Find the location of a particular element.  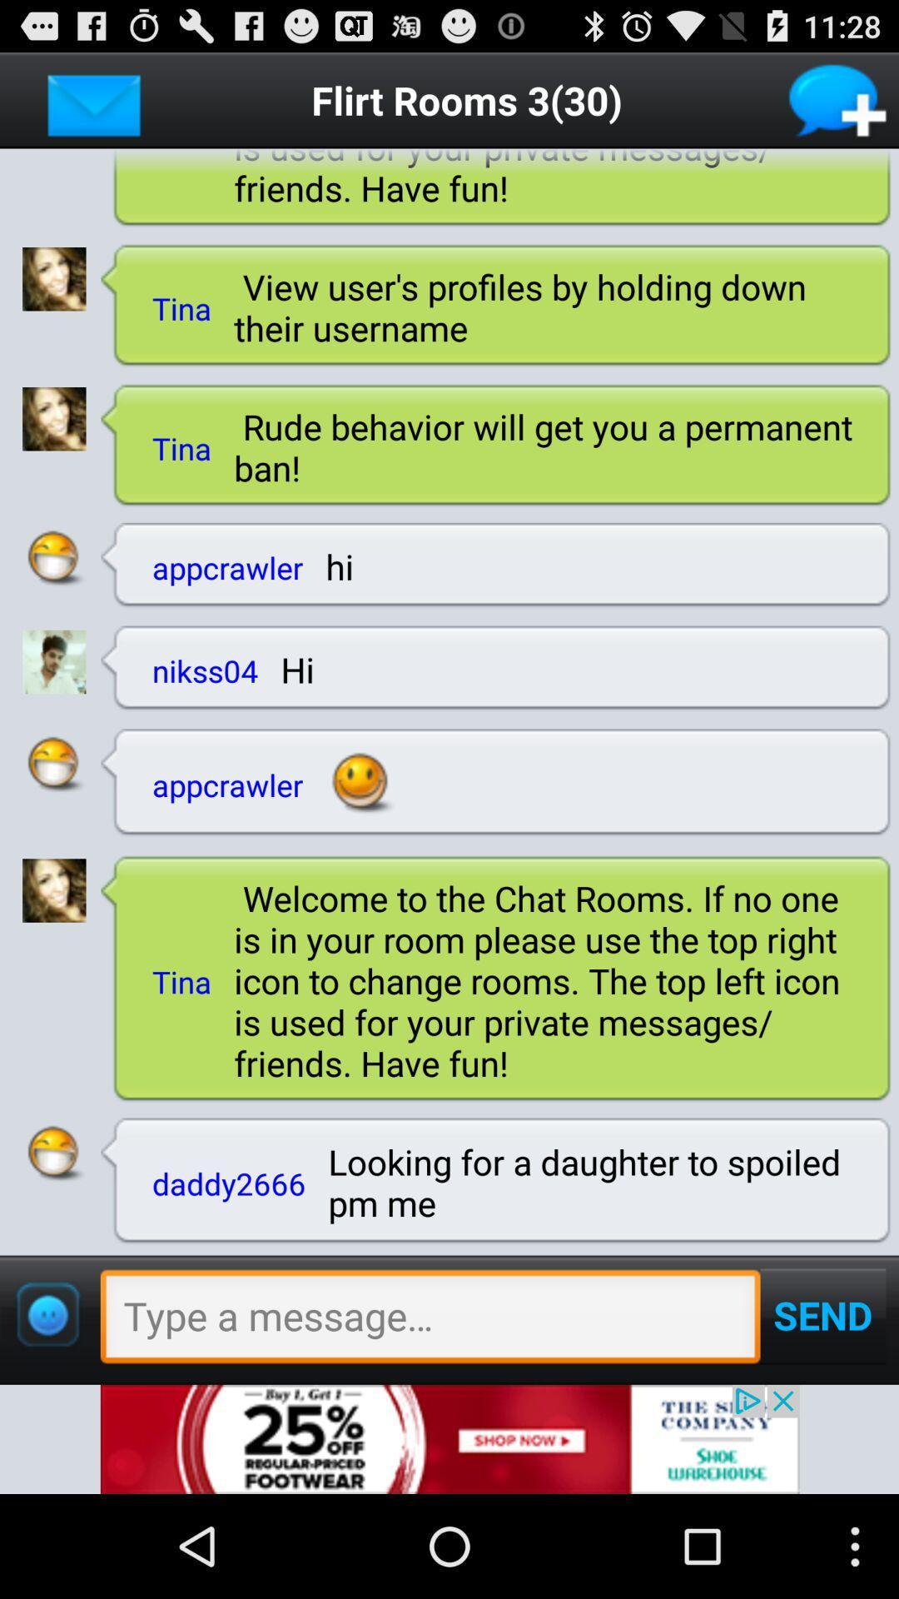

the toy sympol is located at coordinates (47, 1314).